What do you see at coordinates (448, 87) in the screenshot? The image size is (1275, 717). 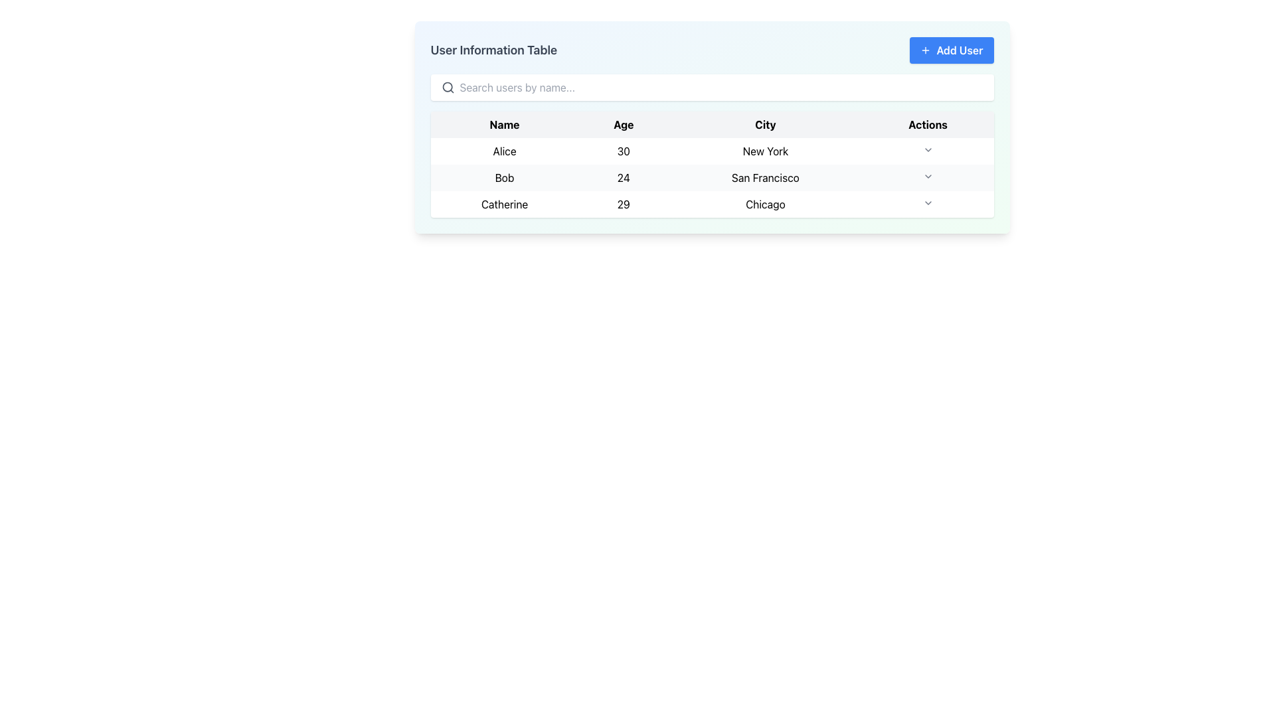 I see `the search icon located at the left side of the search bar, which visually indicates the search functionality` at bounding box center [448, 87].